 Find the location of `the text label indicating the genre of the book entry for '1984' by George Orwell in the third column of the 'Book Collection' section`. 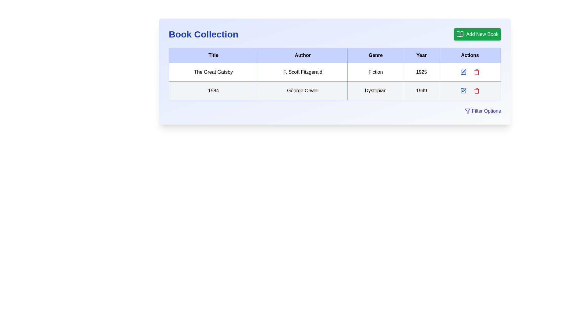

the text label indicating the genre of the book entry for '1984' by George Orwell in the third column of the 'Book Collection' section is located at coordinates (375, 90).